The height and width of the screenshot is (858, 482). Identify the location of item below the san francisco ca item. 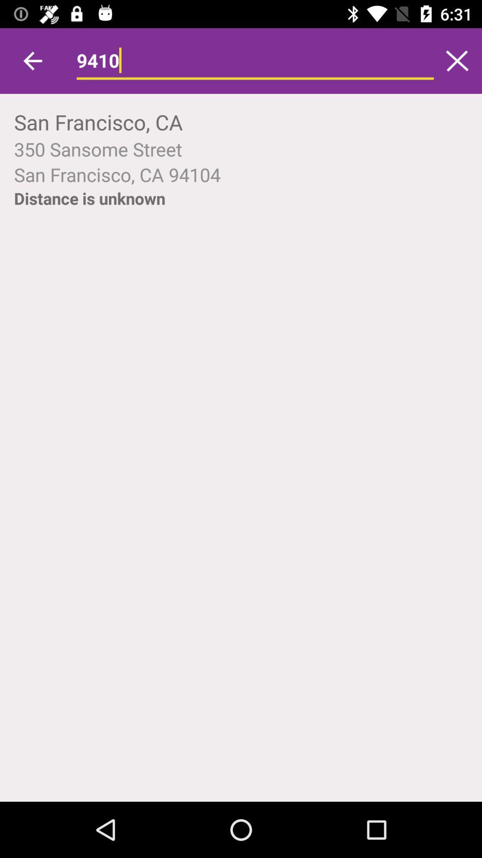
(89, 198).